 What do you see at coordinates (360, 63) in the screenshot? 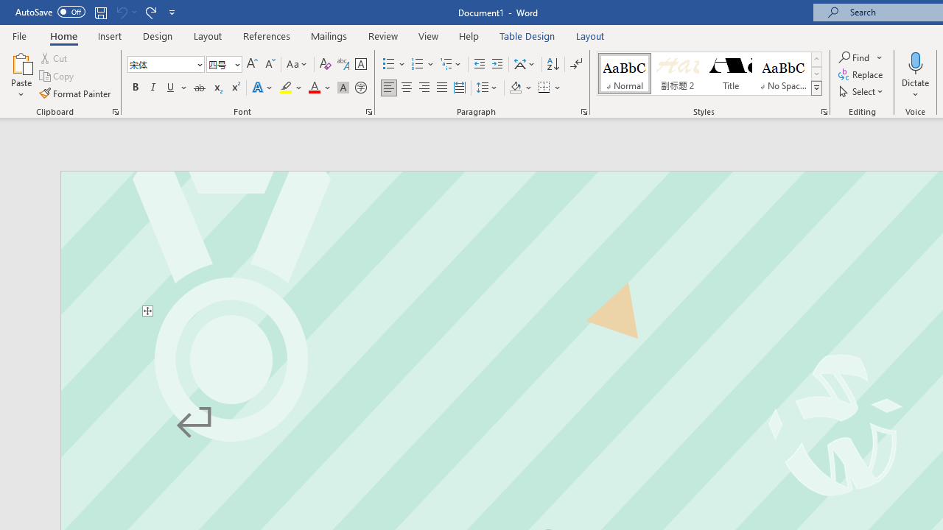
I see `'Character Border'` at bounding box center [360, 63].